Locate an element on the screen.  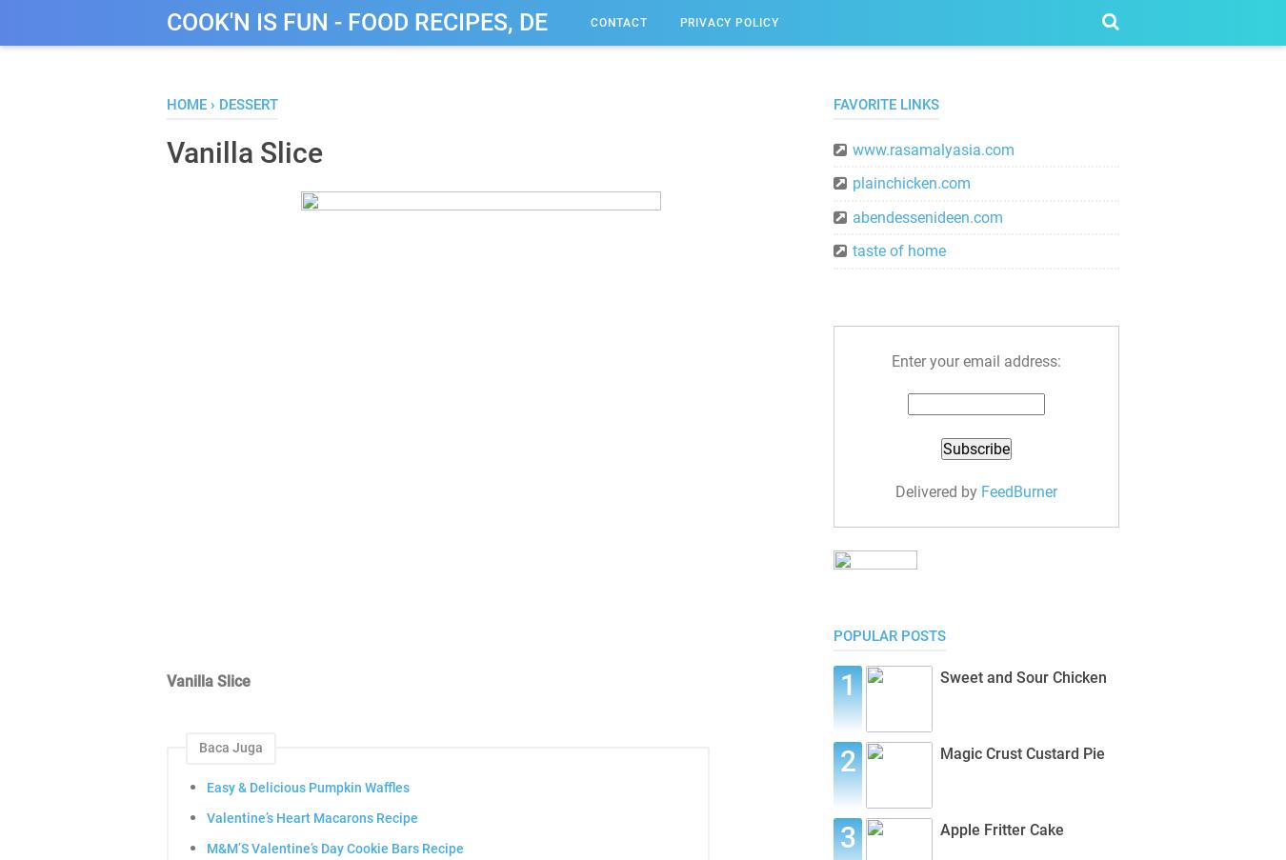
'abendessenideen.com' is located at coordinates (927, 216).